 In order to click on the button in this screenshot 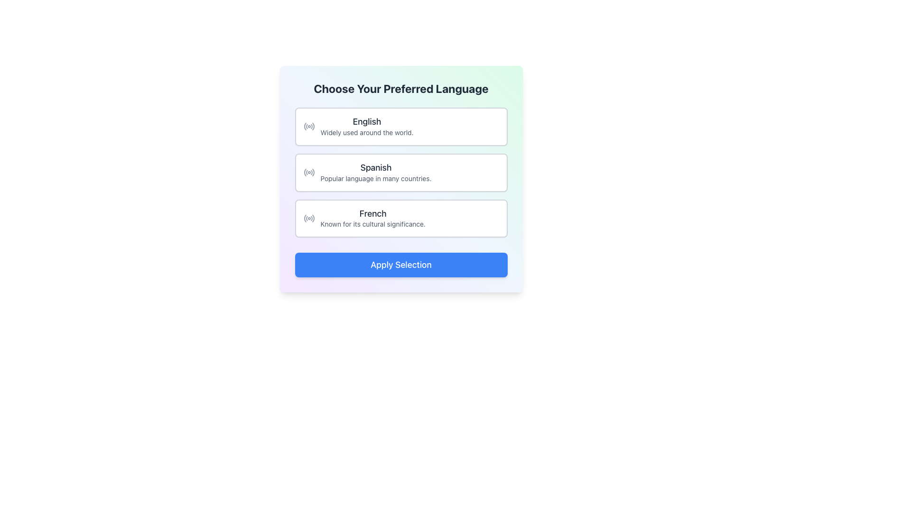, I will do `click(401, 173)`.